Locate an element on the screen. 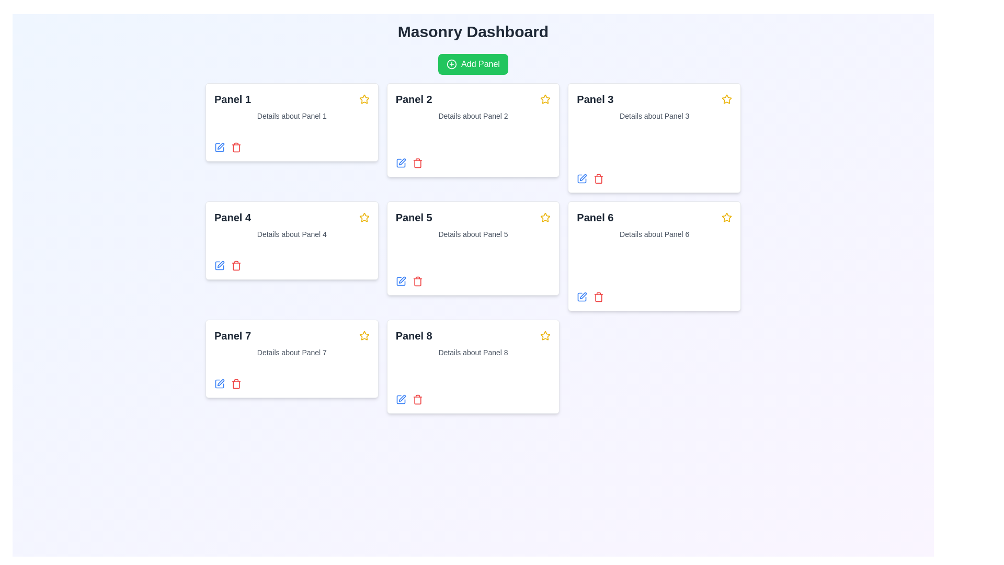 This screenshot has height=565, width=1004. the blue pen-shaped icon button located in the footer of 'Panel 8' to initiate editing functionality is located at coordinates (400, 399).